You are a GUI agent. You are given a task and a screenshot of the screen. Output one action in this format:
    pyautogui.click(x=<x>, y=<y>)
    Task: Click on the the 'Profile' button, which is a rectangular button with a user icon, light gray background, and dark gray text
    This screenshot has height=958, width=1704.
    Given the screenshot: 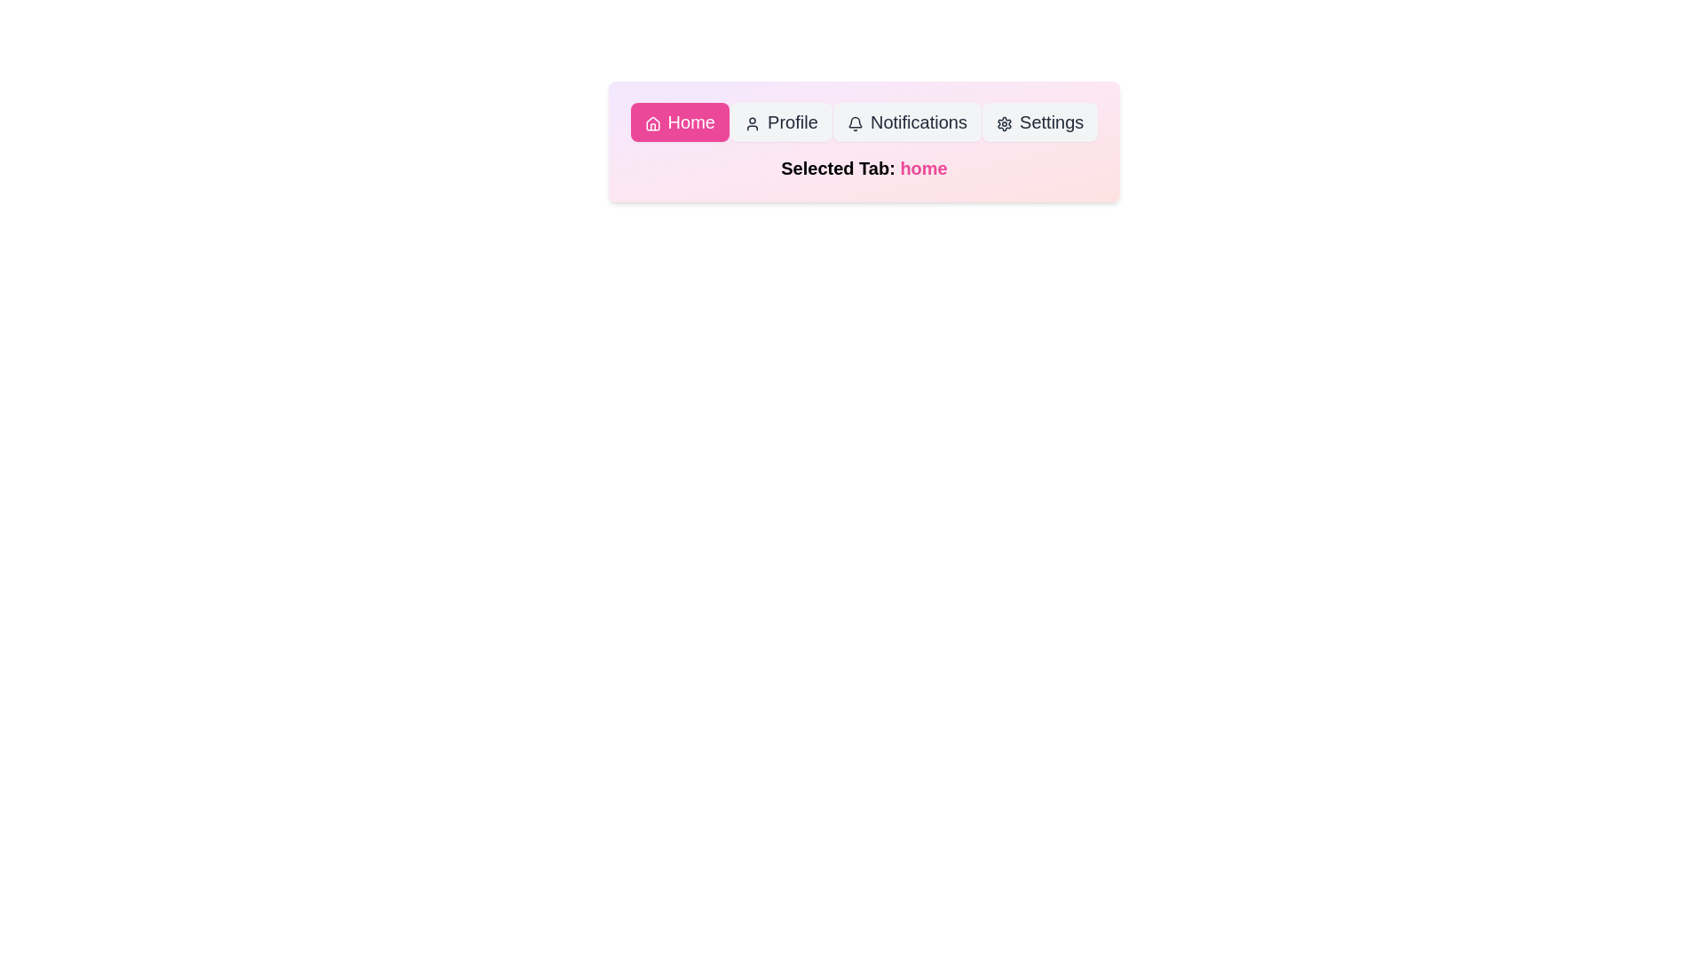 What is the action you would take?
    pyautogui.click(x=781, y=122)
    